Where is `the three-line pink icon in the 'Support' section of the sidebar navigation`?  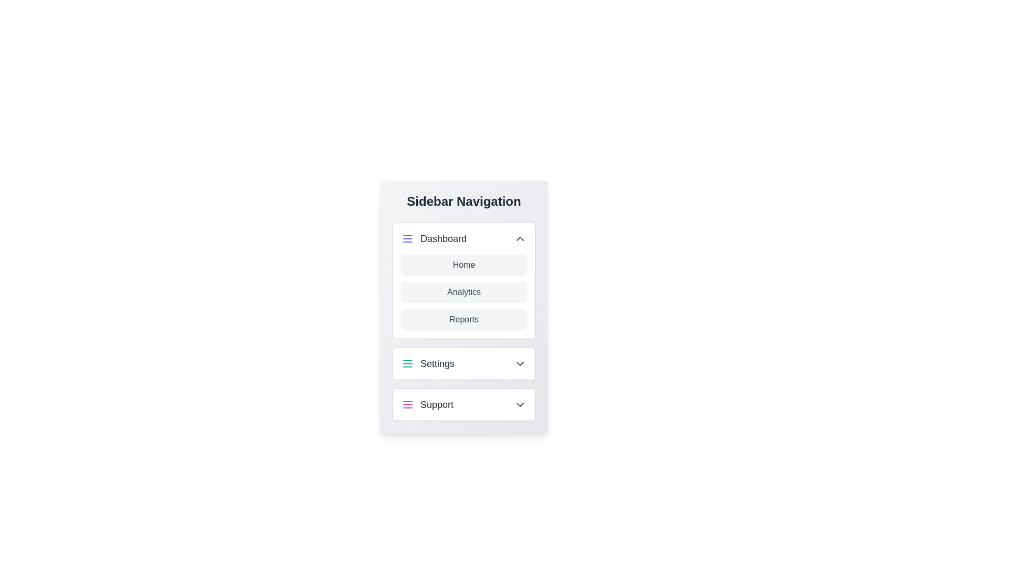
the three-line pink icon in the 'Support' section of the sidebar navigation is located at coordinates (407, 404).